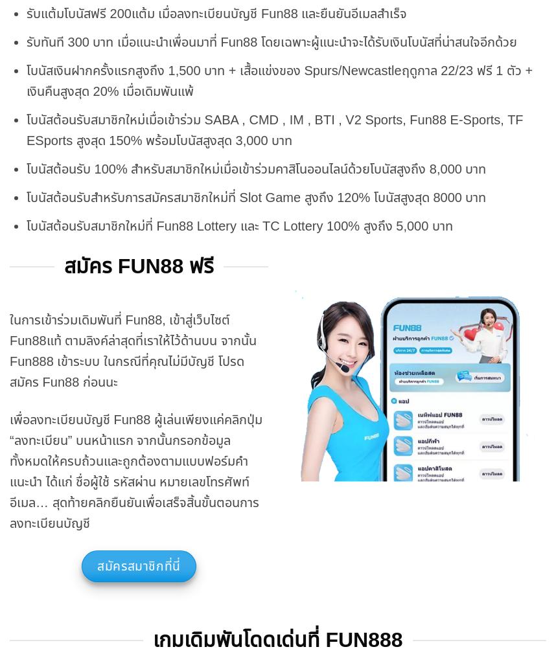 This screenshot has width=556, height=669. Describe the element at coordinates (255, 168) in the screenshot. I see `'โบนัสต้อนรับ 100% สำหรับสมาชิกใหม่เมื่อเข้าร่วมคาสิโนออนไลน์ด้วยโบนัสสูงถึง 8,000 บาท'` at that location.